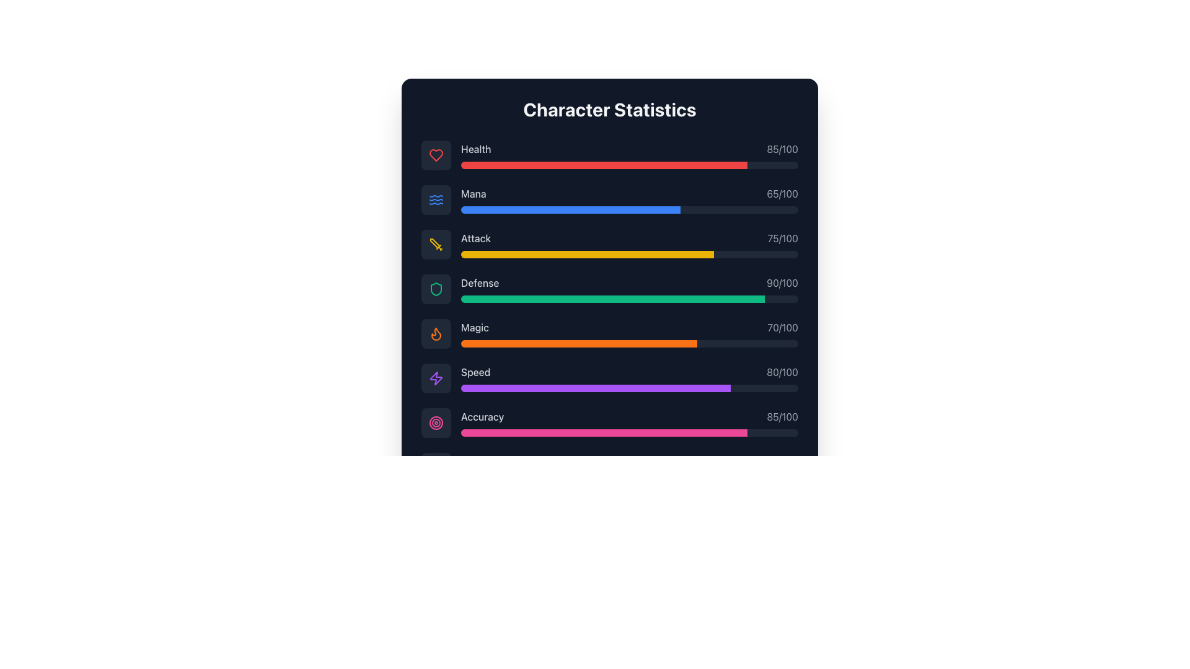 The height and width of the screenshot is (669, 1190). Describe the element at coordinates (612, 299) in the screenshot. I see `the filled segment of the Progress bar indicating the 'Defense' statistic level of the character, which is the fourth row from the top in the list of character statistics` at that location.